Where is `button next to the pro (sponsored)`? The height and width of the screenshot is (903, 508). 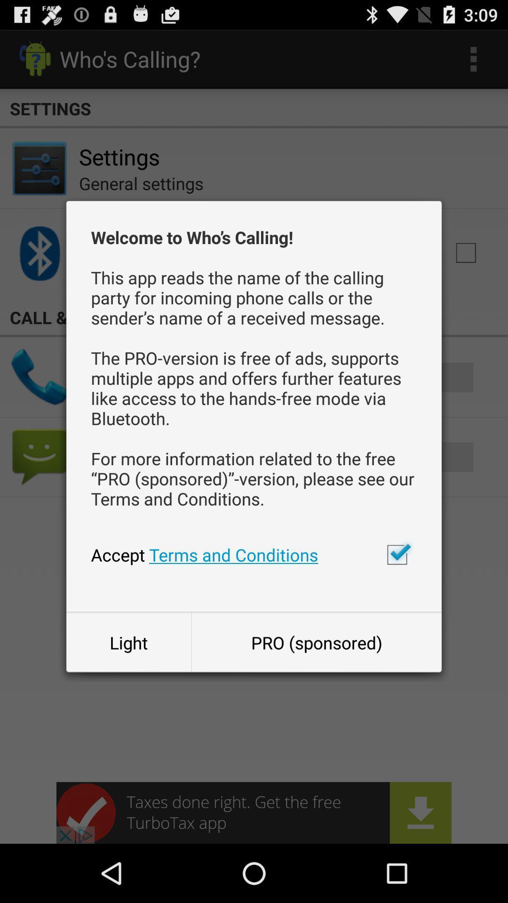 button next to the pro (sponsored) is located at coordinates (128, 642).